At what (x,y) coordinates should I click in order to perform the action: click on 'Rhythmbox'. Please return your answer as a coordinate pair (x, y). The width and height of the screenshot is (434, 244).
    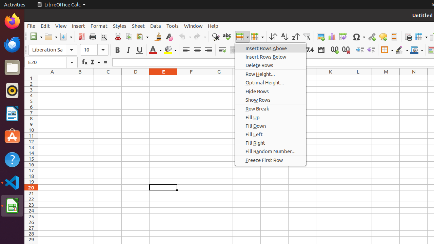
    Looking at the image, I should click on (12, 90).